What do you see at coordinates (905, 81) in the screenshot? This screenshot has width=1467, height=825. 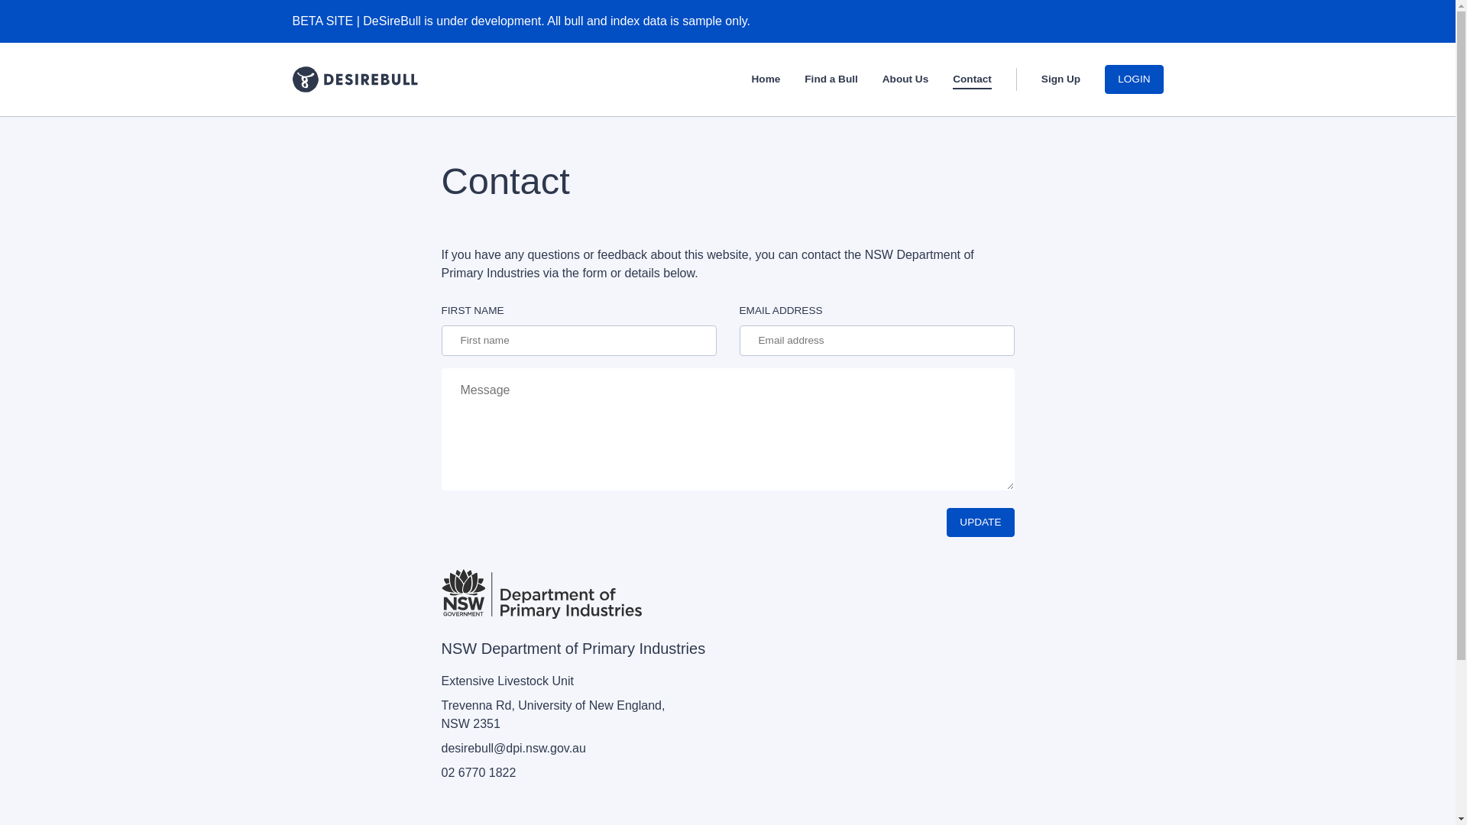 I see `'About Us'` at bounding box center [905, 81].